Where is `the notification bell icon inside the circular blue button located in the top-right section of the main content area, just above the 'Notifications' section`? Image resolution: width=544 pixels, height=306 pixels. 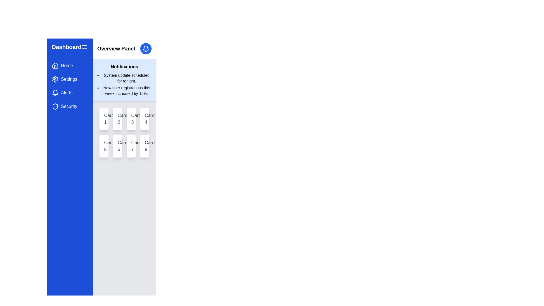
the notification bell icon inside the circular blue button located in the top-right section of the main content area, just above the 'Notifications' section is located at coordinates (146, 48).